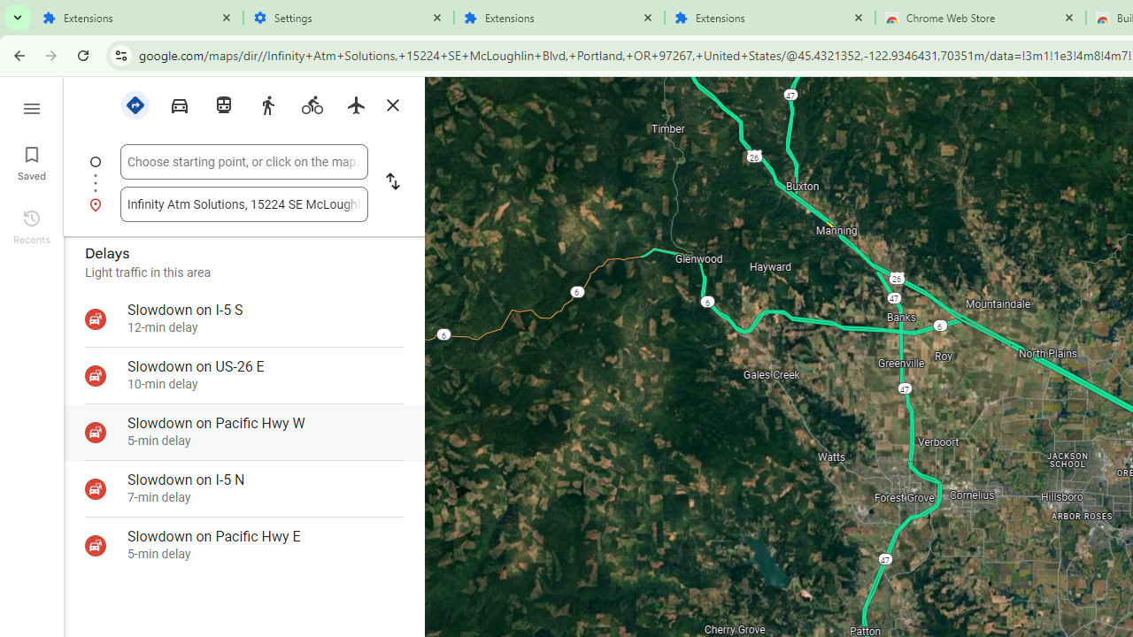 The width and height of the screenshot is (1133, 637). I want to click on 'Extensions', so click(137, 18).